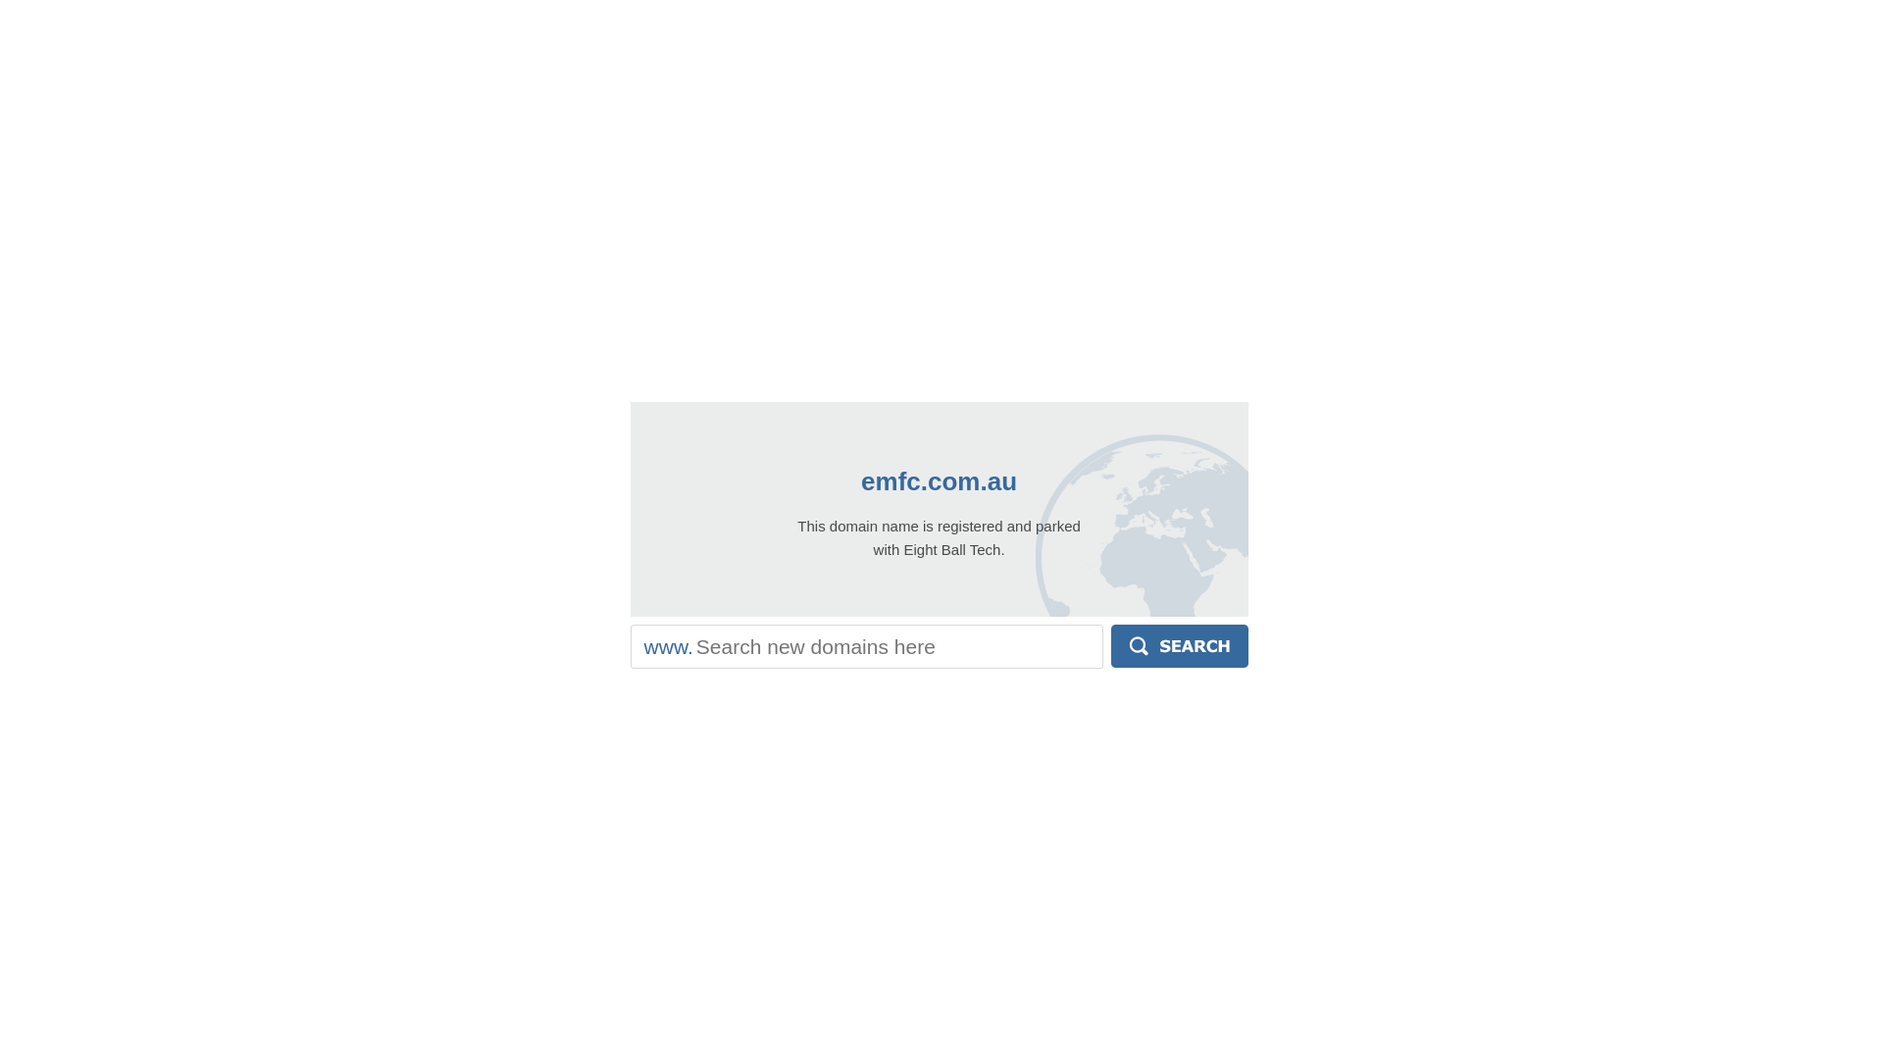 Image resolution: width=1883 pixels, height=1059 pixels. Describe the element at coordinates (1179, 646) in the screenshot. I see `'Search'` at that location.